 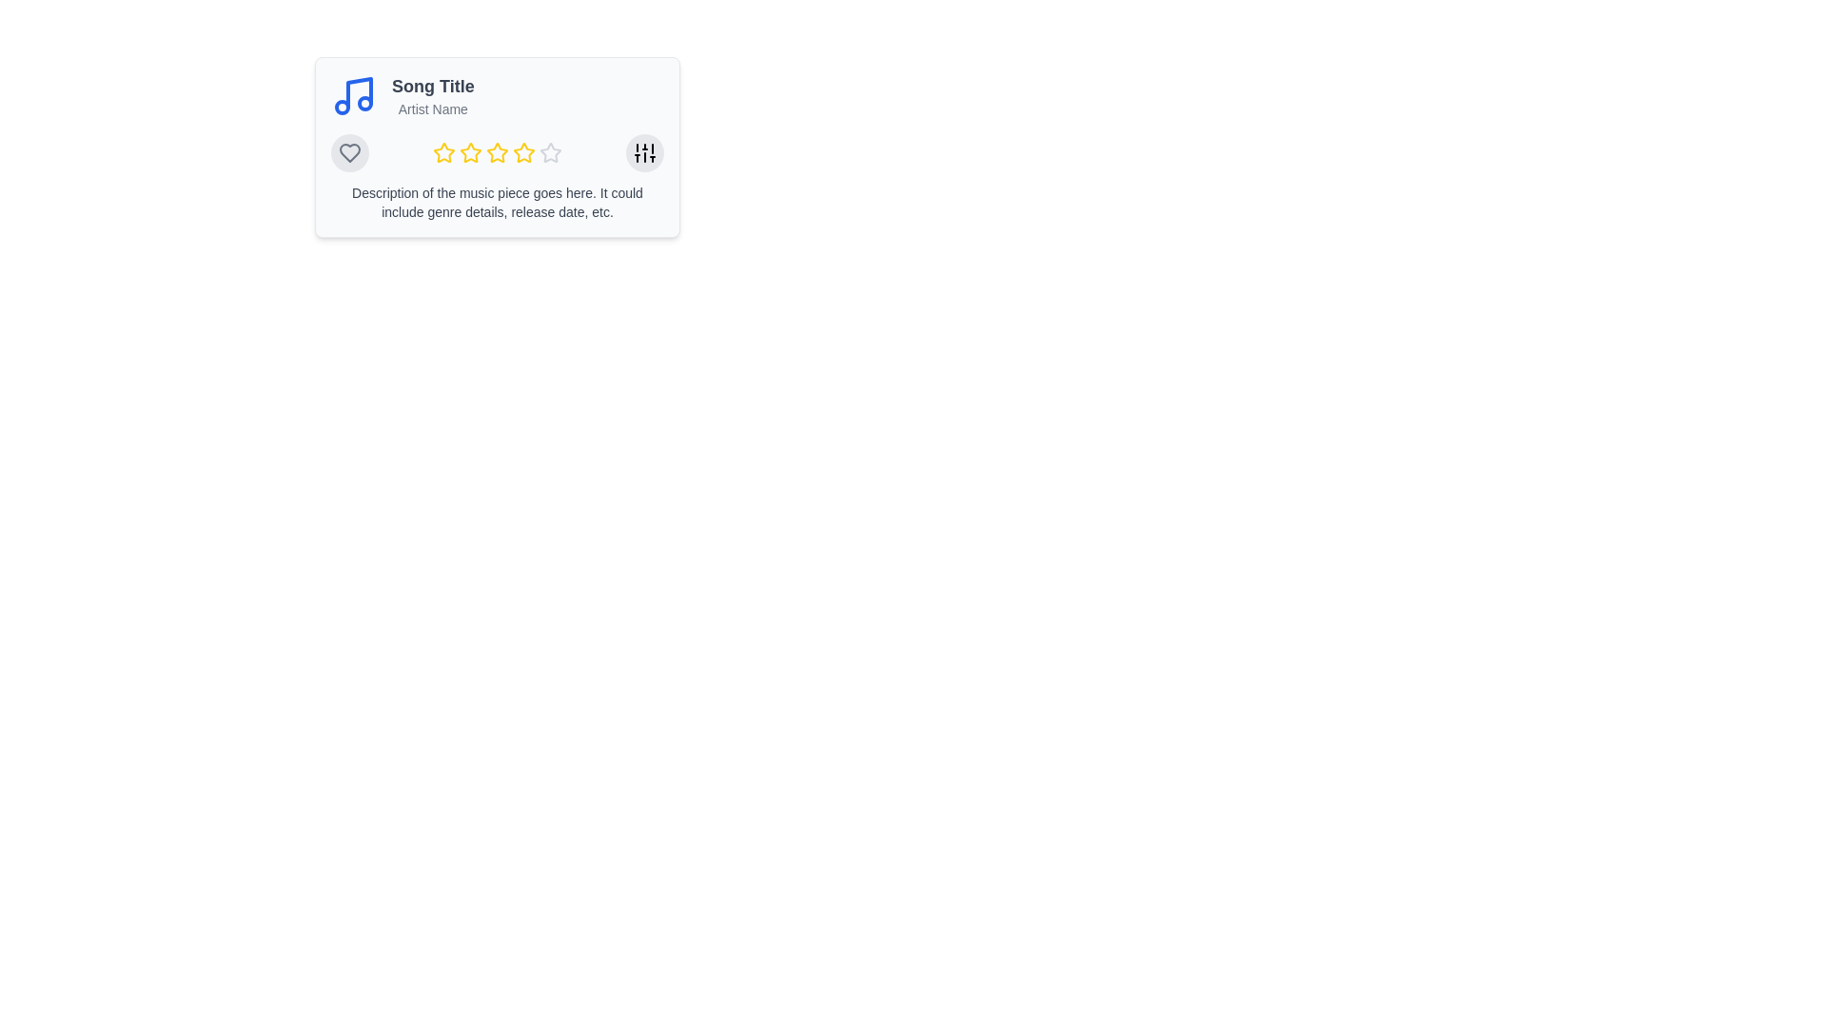 I want to click on the 'Artist Name' label element which is displayed in a smaller font size and lighter gray color, located beneath the 'Song Title' text in the card layout, so click(x=432, y=109).